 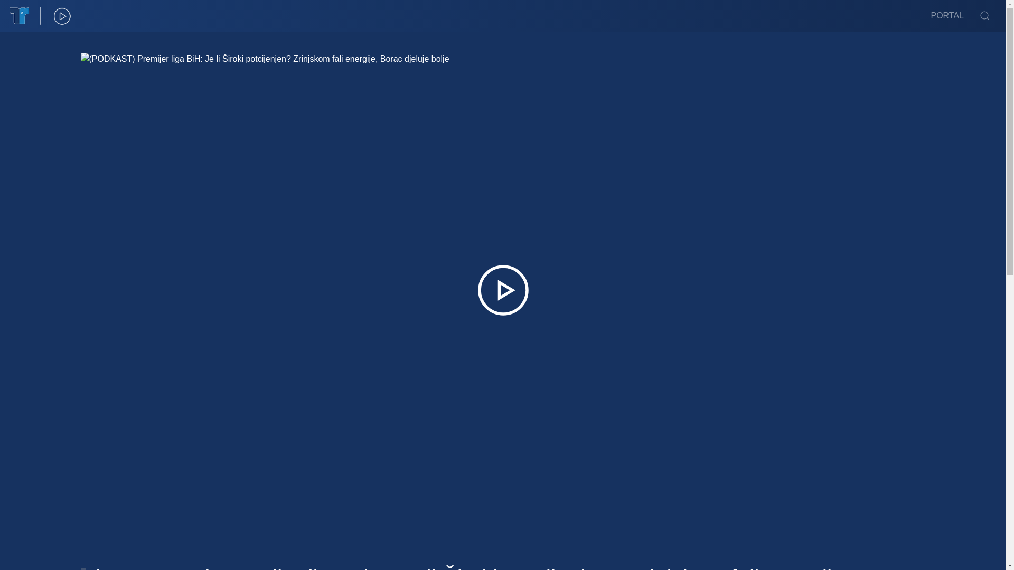 I want to click on 'PORTAL', so click(x=947, y=16).